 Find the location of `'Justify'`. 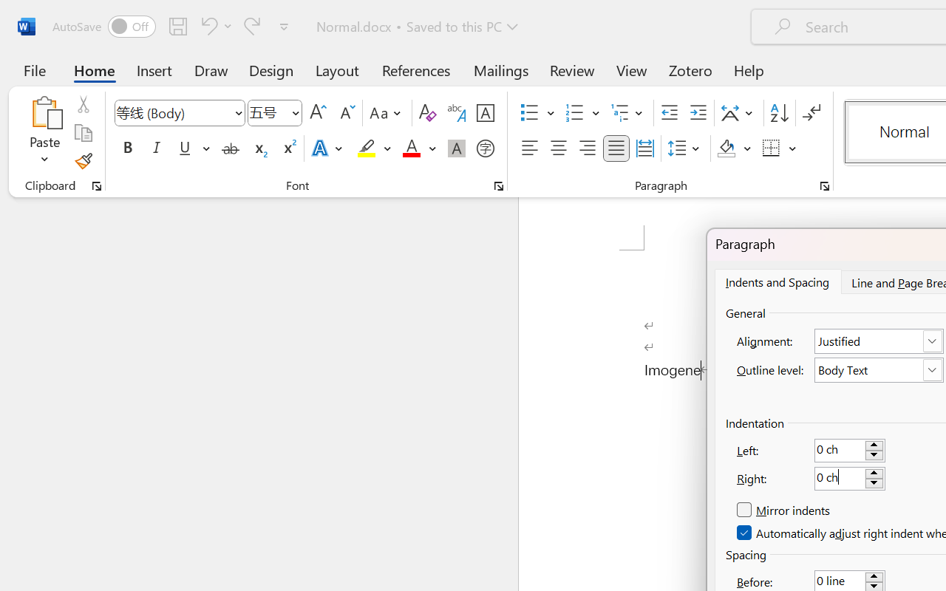

'Justify' is located at coordinates (616, 148).